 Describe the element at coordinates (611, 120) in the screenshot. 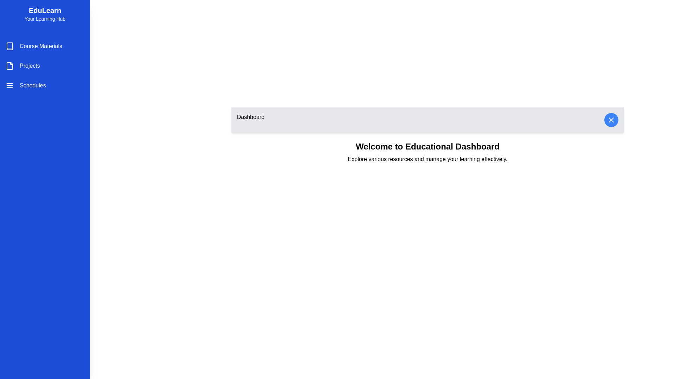

I see `the 'X' icon that is part of the blue circular button located at the far-right end of the horizontal grey bar at the top of the page` at that location.